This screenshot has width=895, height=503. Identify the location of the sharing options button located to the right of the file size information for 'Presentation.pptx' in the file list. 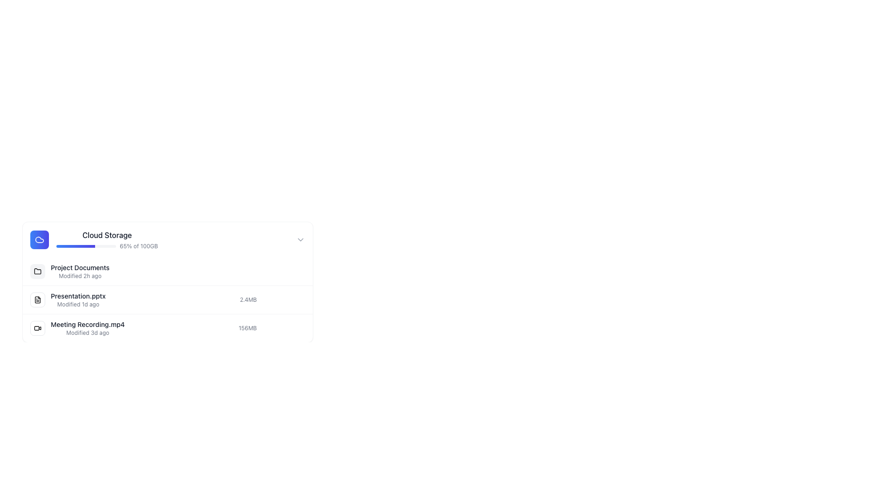
(284, 300).